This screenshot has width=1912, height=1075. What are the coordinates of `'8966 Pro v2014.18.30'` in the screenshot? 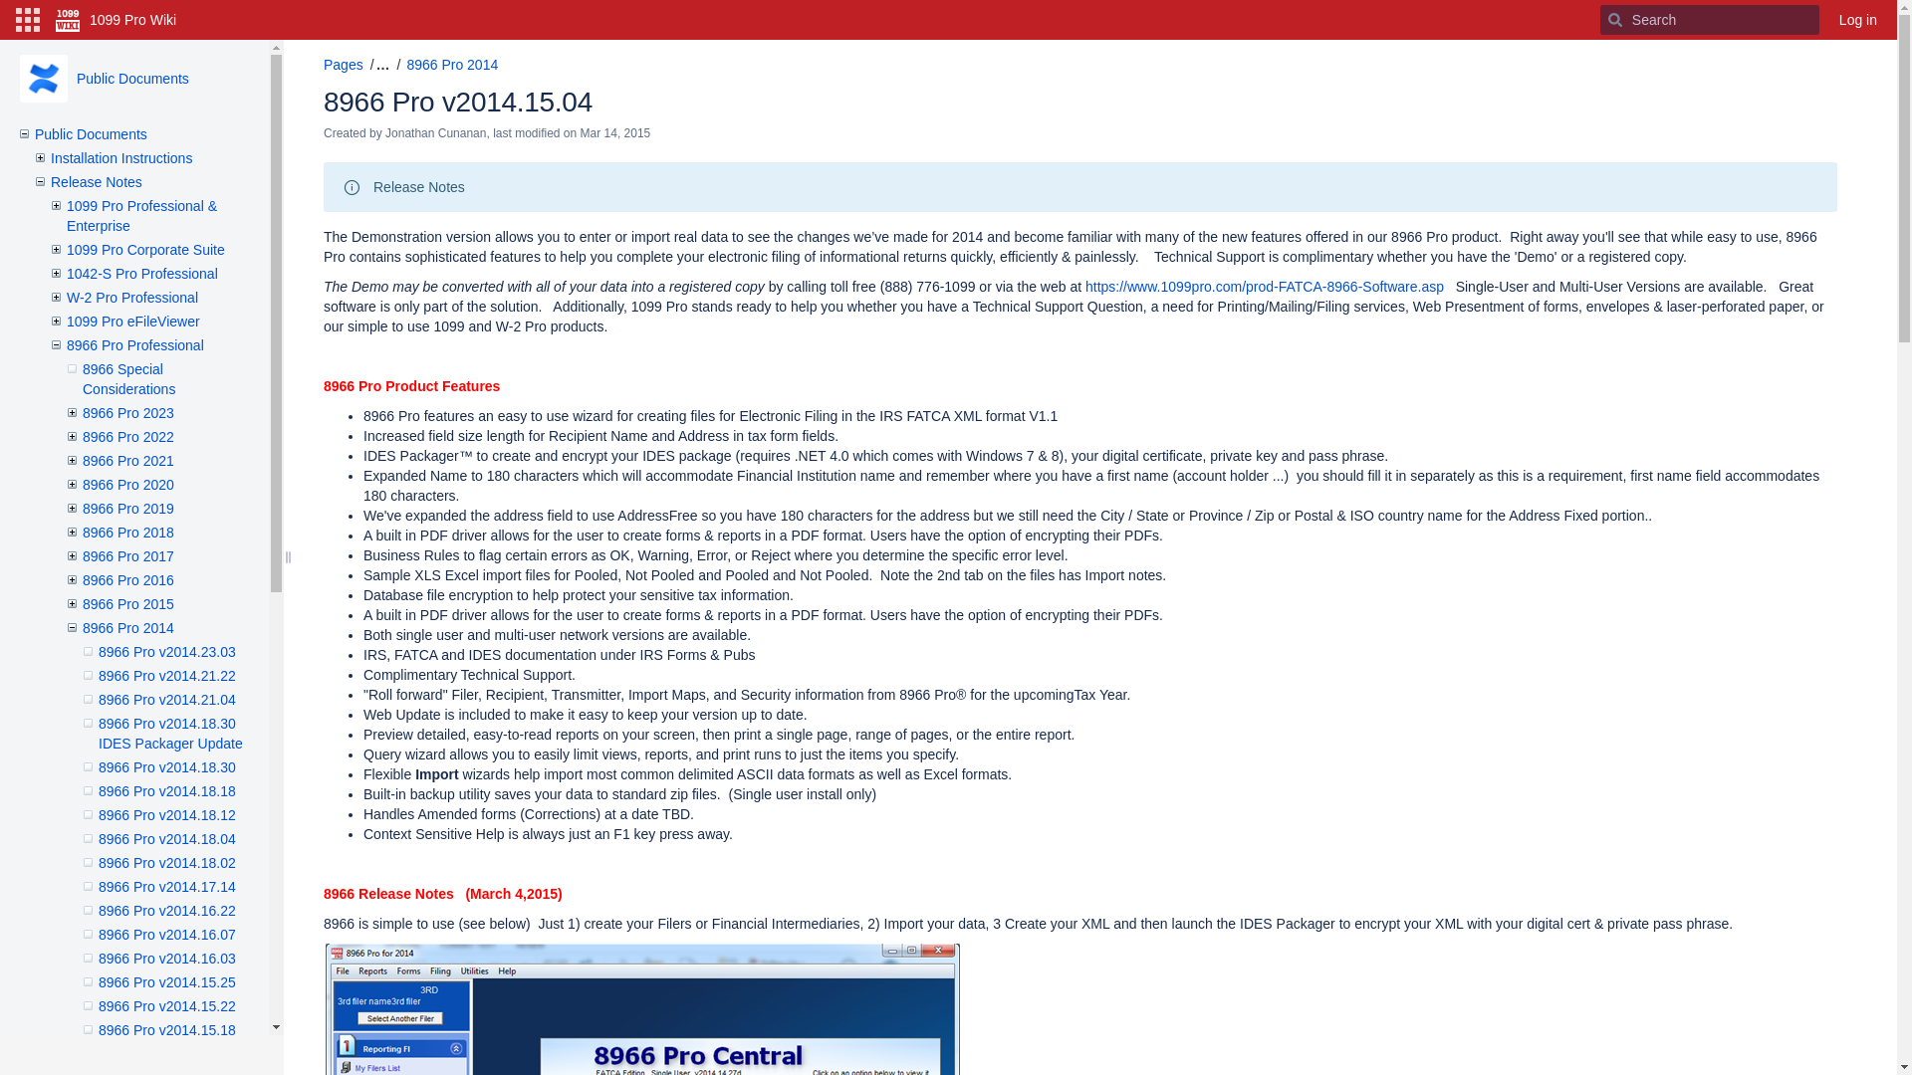 It's located at (167, 766).